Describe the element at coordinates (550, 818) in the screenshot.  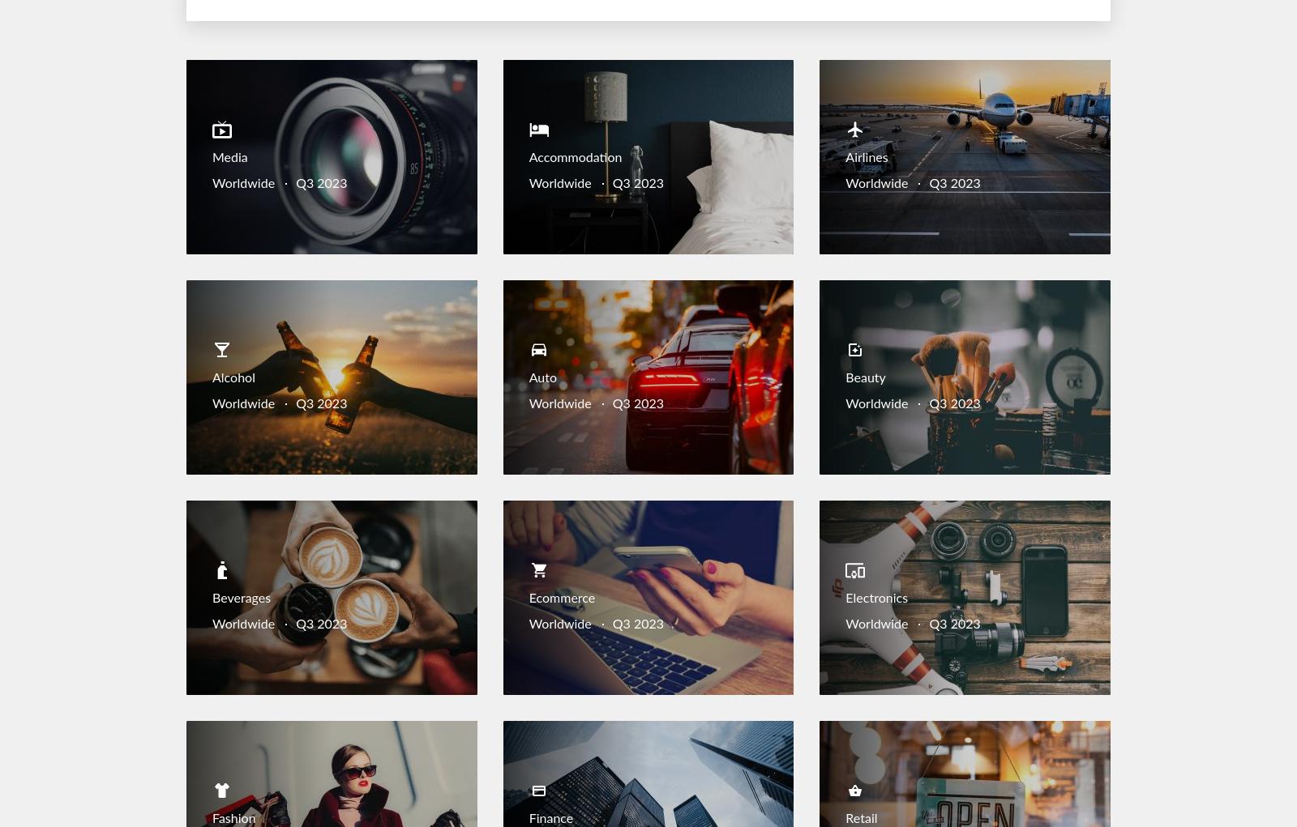
I see `'Finance'` at that location.